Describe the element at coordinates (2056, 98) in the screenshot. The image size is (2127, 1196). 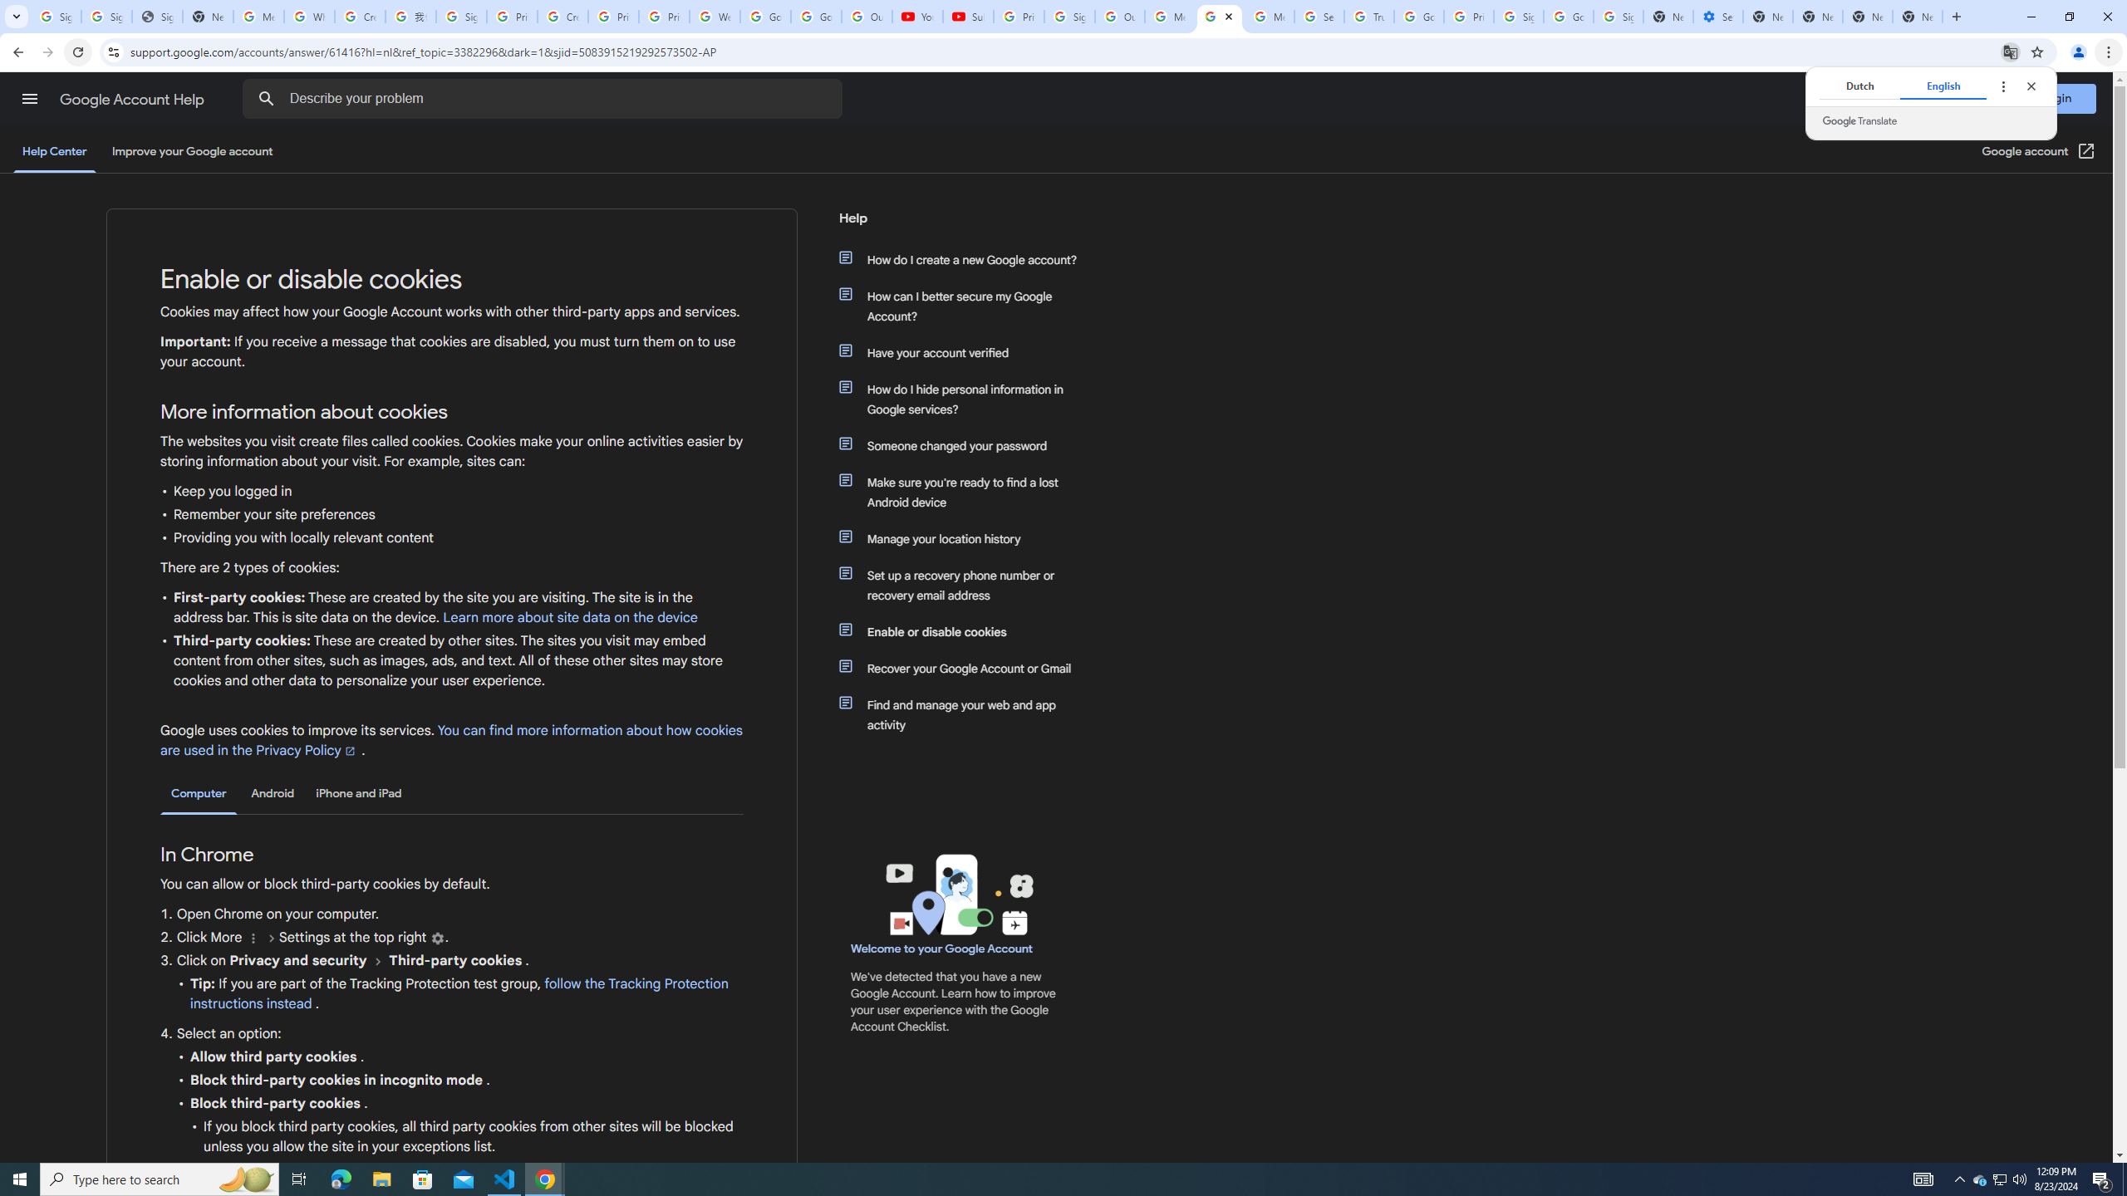
I see `'Login'` at that location.